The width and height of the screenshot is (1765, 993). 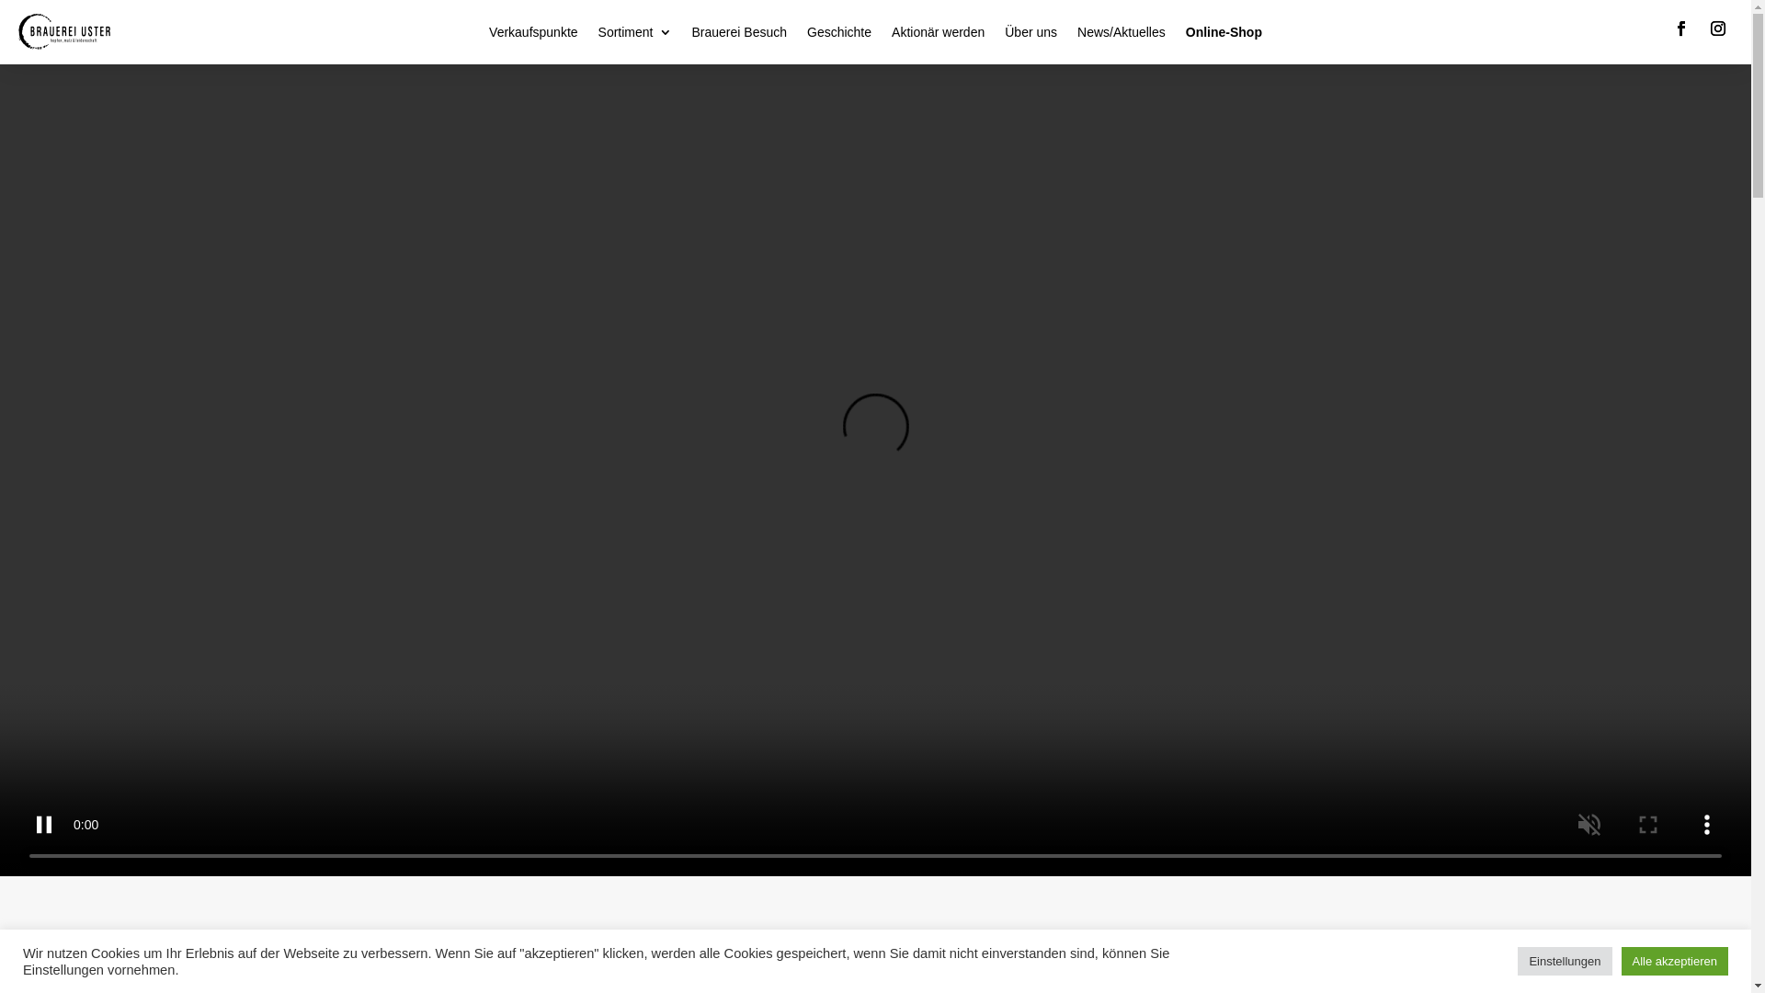 What do you see at coordinates (64, 31) in the screenshot?
I see `'Logo-Brauerei-Uster'` at bounding box center [64, 31].